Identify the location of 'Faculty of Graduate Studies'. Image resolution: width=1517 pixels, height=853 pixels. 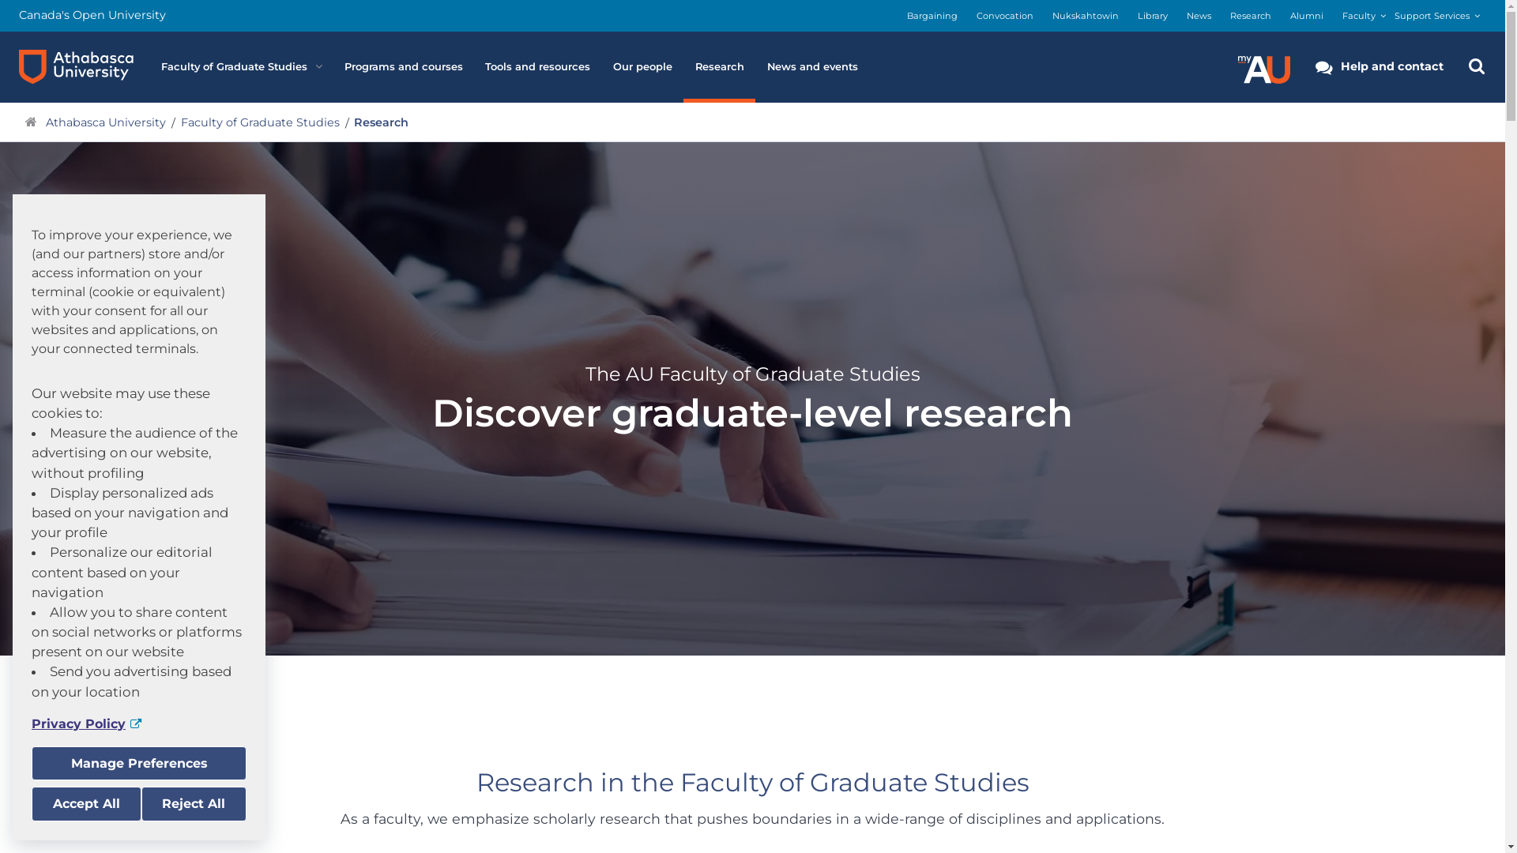
(240, 66).